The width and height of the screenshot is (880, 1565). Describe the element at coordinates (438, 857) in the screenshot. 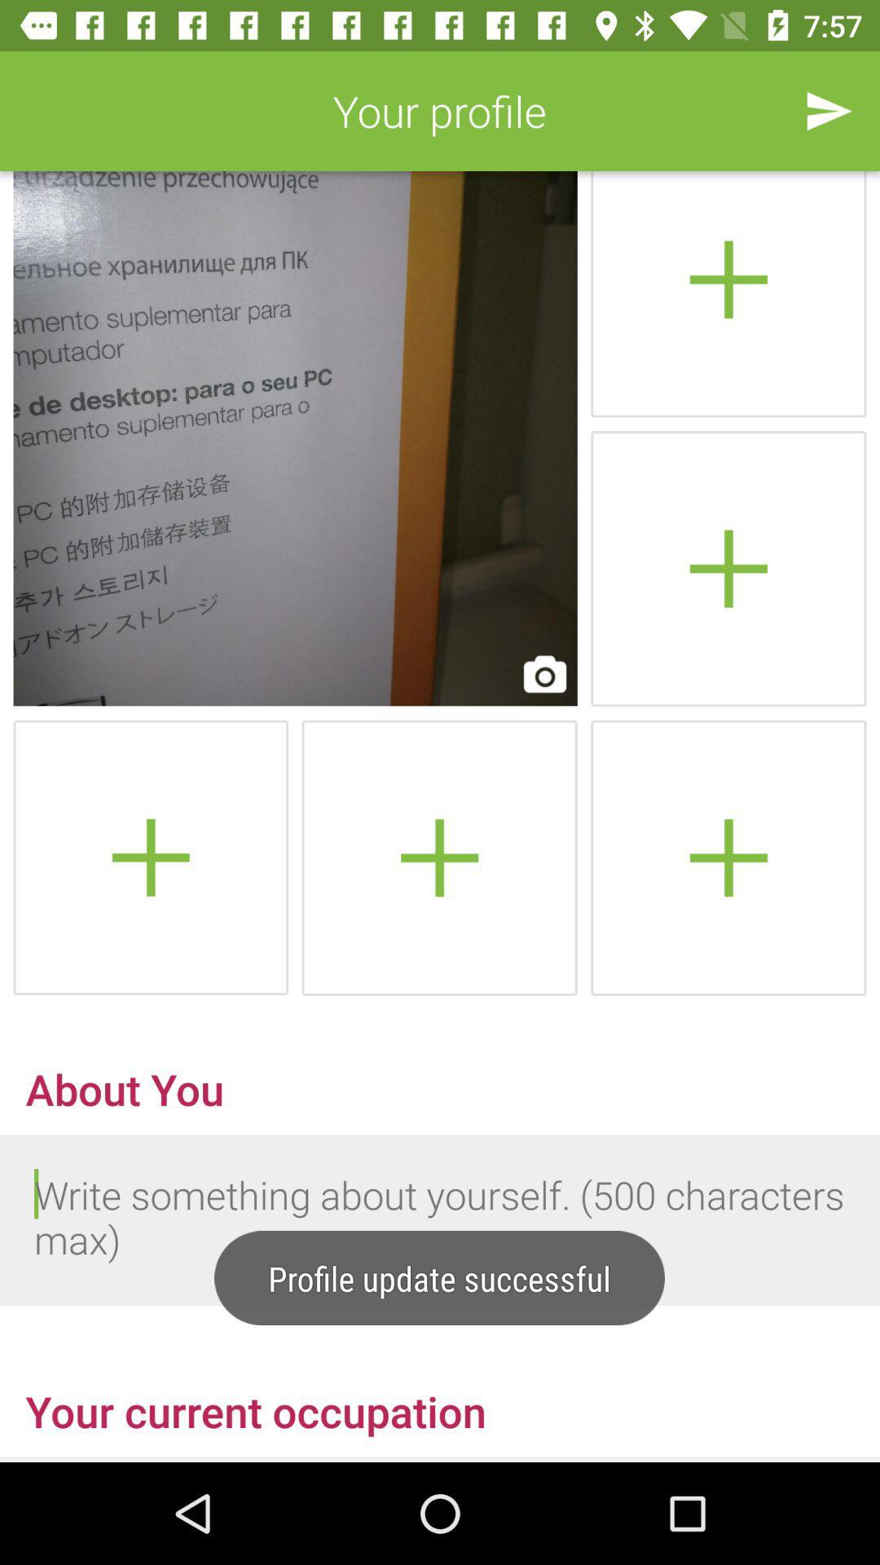

I see `photo` at that location.